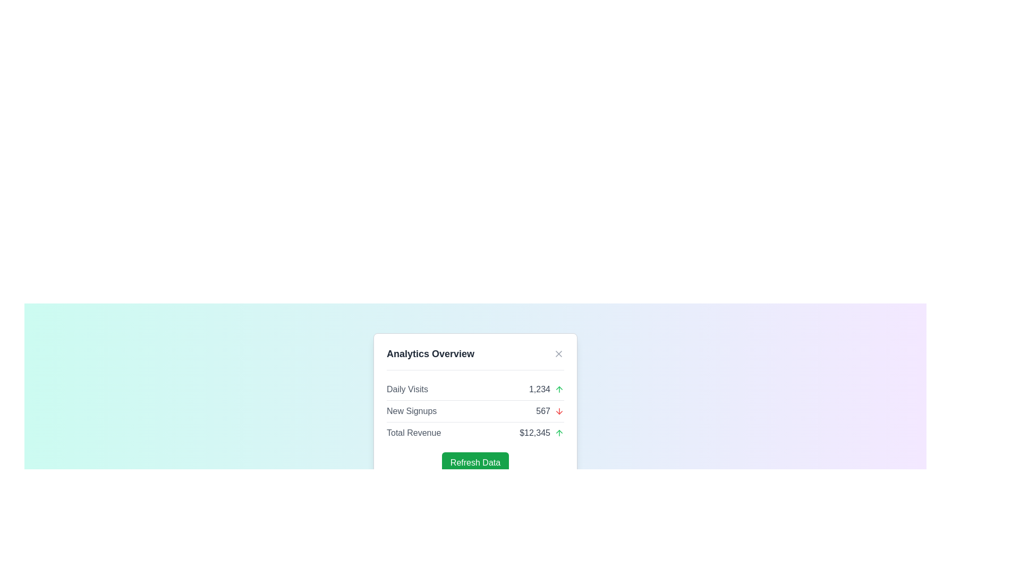 Image resolution: width=1020 pixels, height=574 pixels. What do you see at coordinates (411, 411) in the screenshot?
I see `the descriptive text label indicating the context of the number of new signups in the second row of the 'Analytics Overview' card, positioned to the left of the numerical value '567'` at bounding box center [411, 411].